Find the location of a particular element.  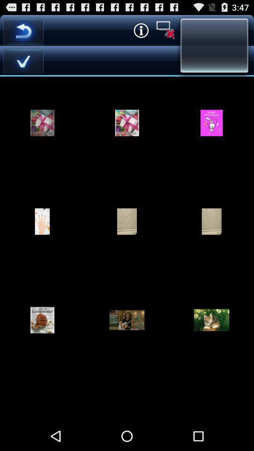

the check icon is located at coordinates (24, 65).